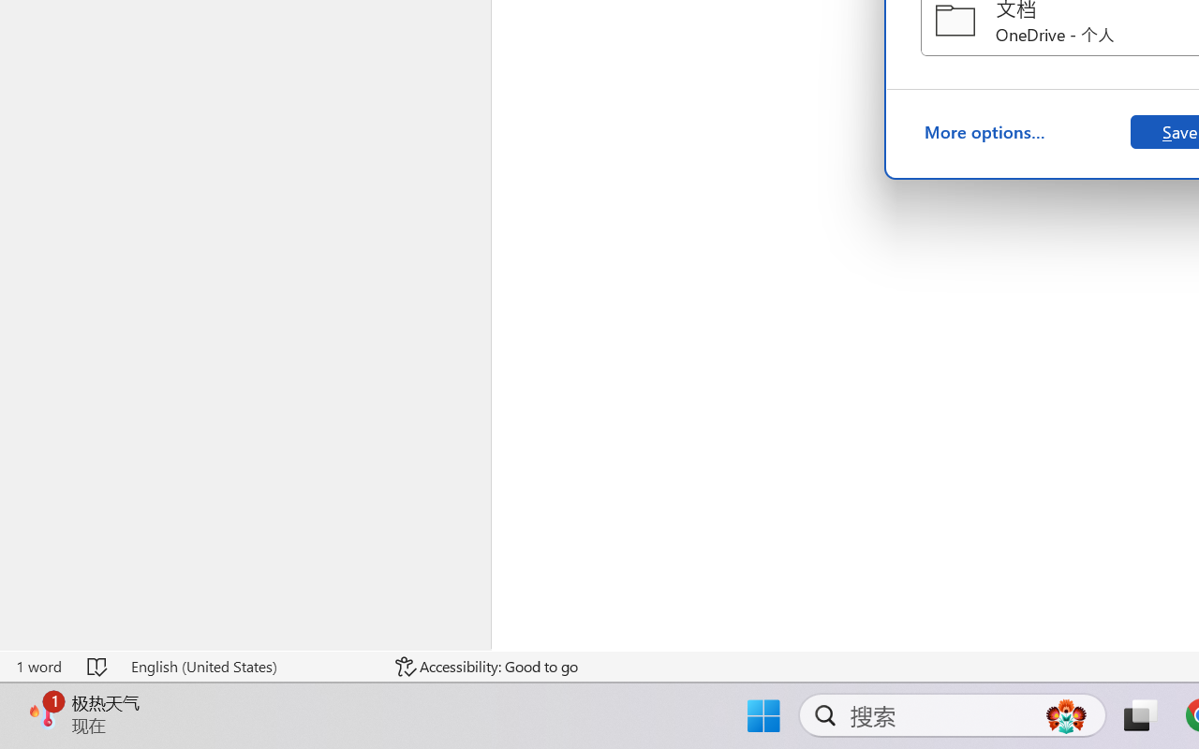 The image size is (1199, 749). What do you see at coordinates (97, 666) in the screenshot?
I see `'Spelling and Grammar Check No Errors'` at bounding box center [97, 666].